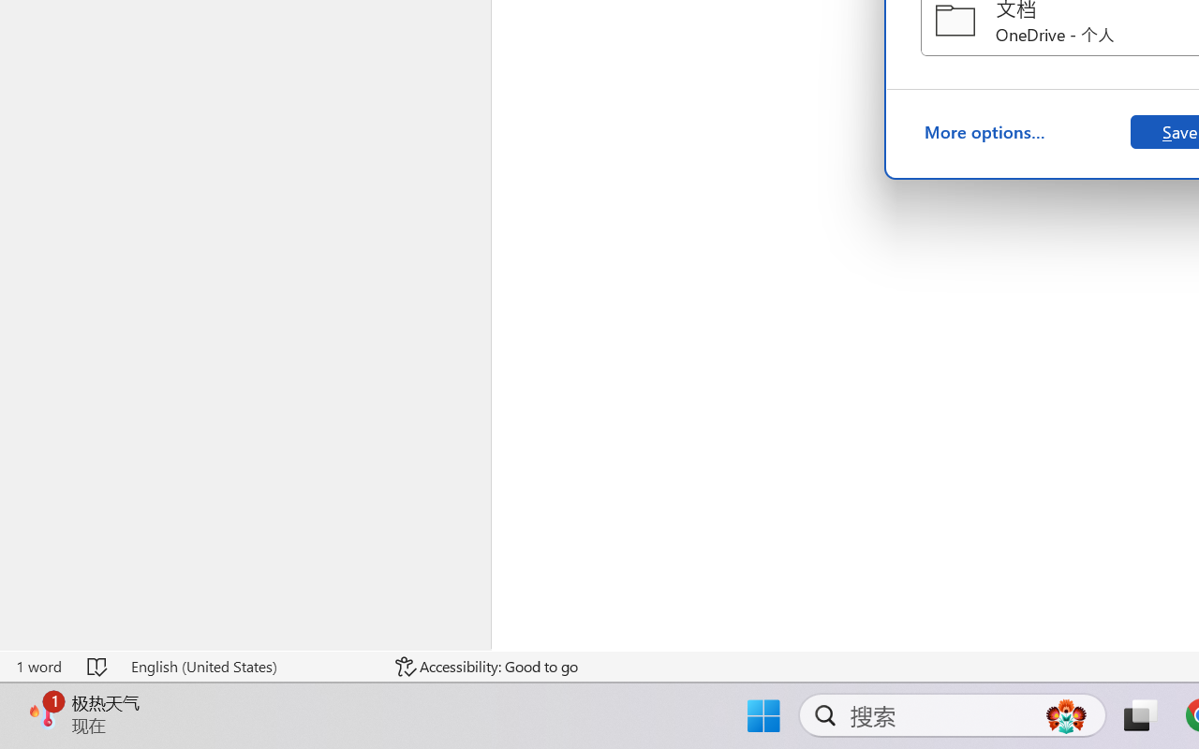 The image size is (1199, 749). What do you see at coordinates (97, 666) in the screenshot?
I see `'Spelling and Grammar Check No Errors'` at bounding box center [97, 666].